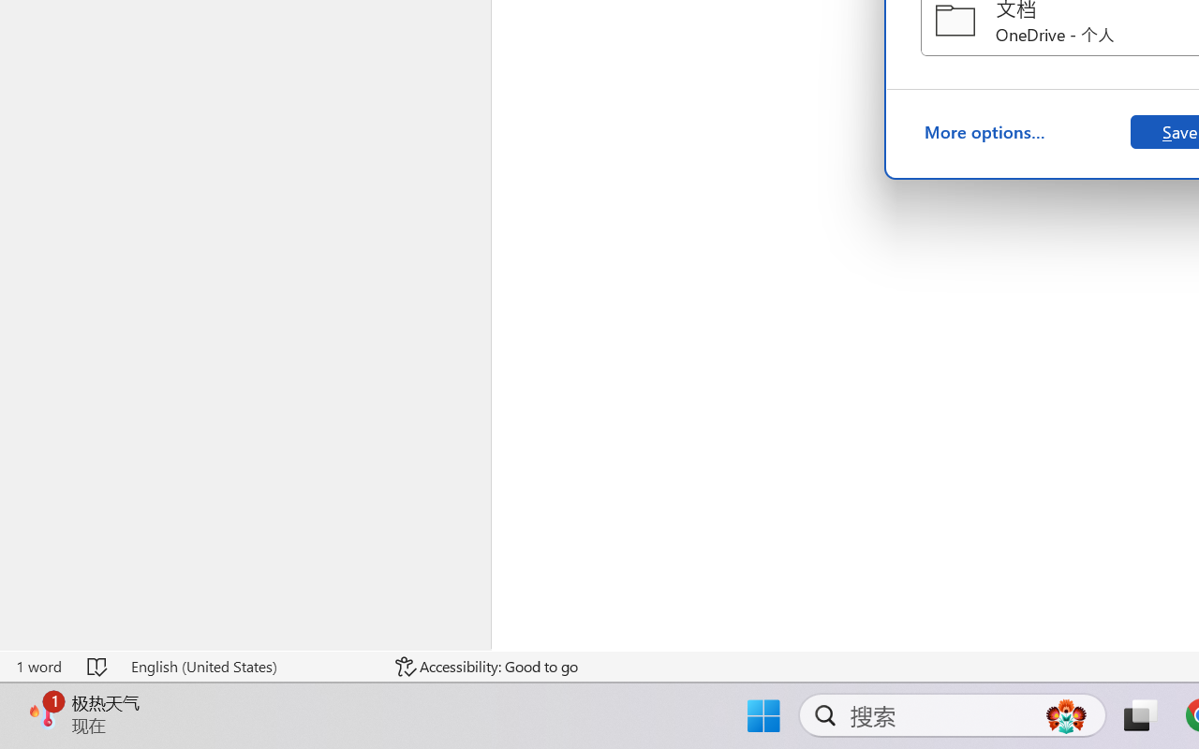 The image size is (1199, 749). What do you see at coordinates (97, 666) in the screenshot?
I see `'Spelling and Grammar Check No Errors'` at bounding box center [97, 666].